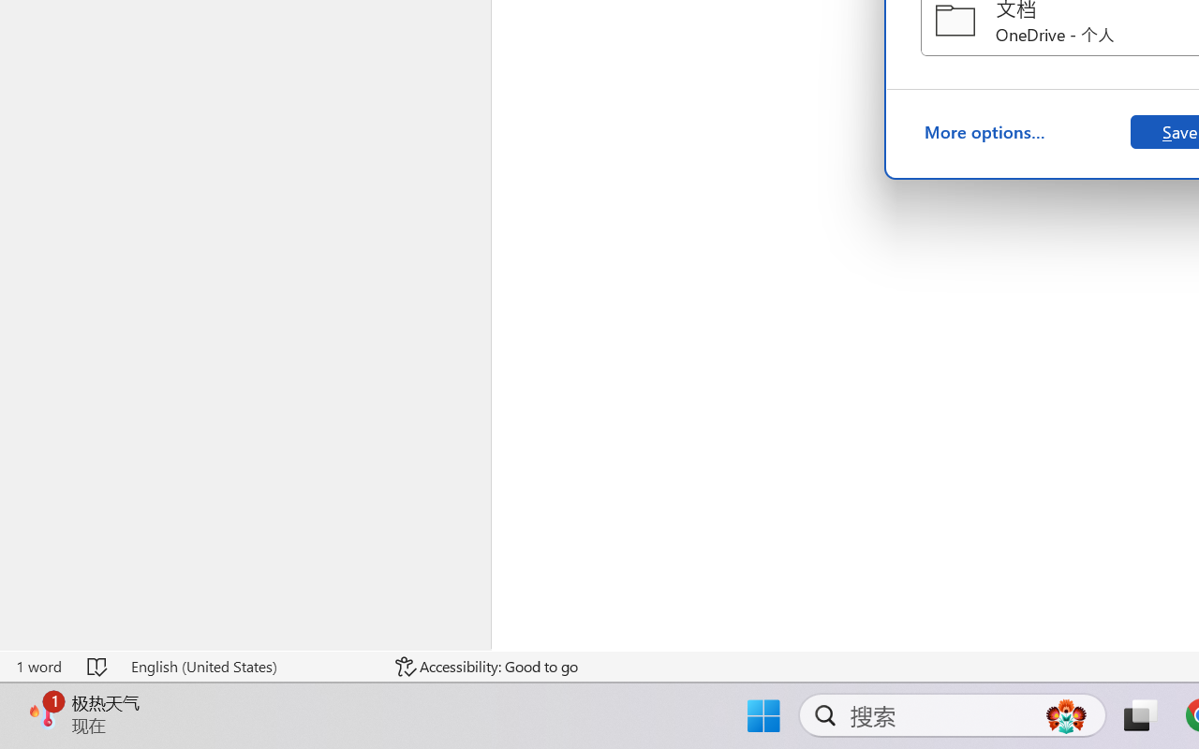 The image size is (1199, 749). What do you see at coordinates (97, 666) in the screenshot?
I see `'Spelling and Grammar Check No Errors'` at bounding box center [97, 666].